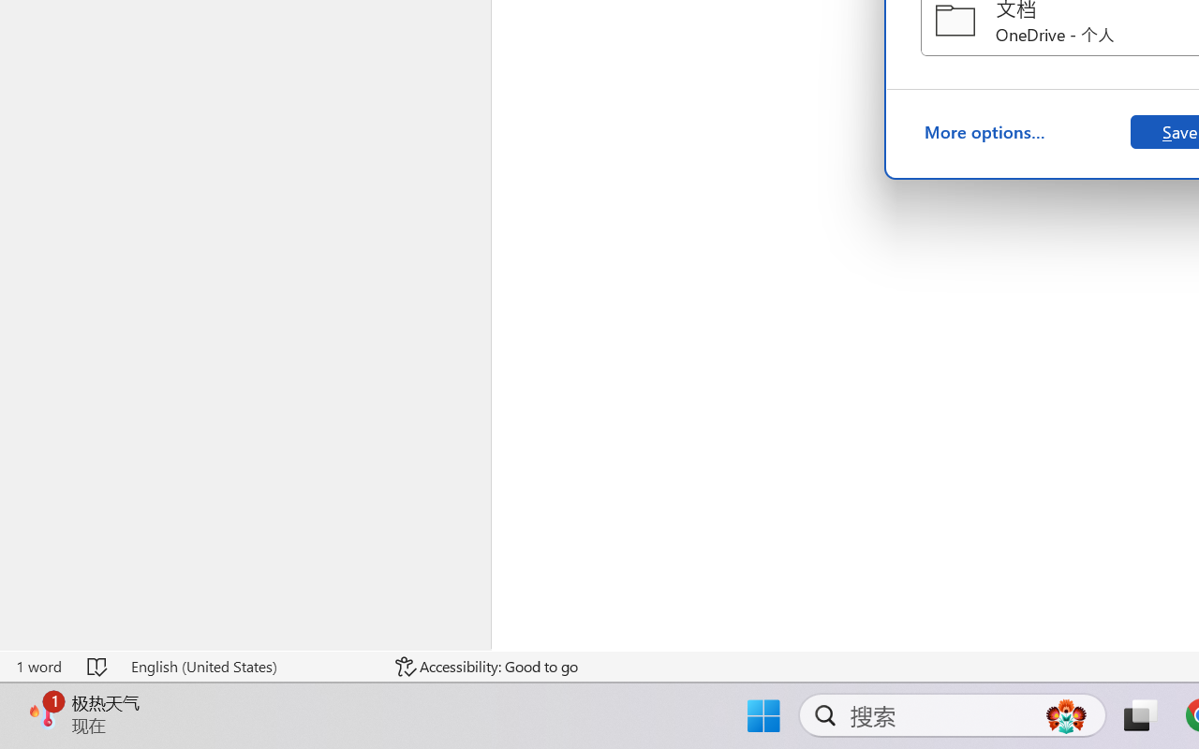 The image size is (1199, 749). What do you see at coordinates (97, 666) in the screenshot?
I see `'Spelling and Grammar Check No Errors'` at bounding box center [97, 666].